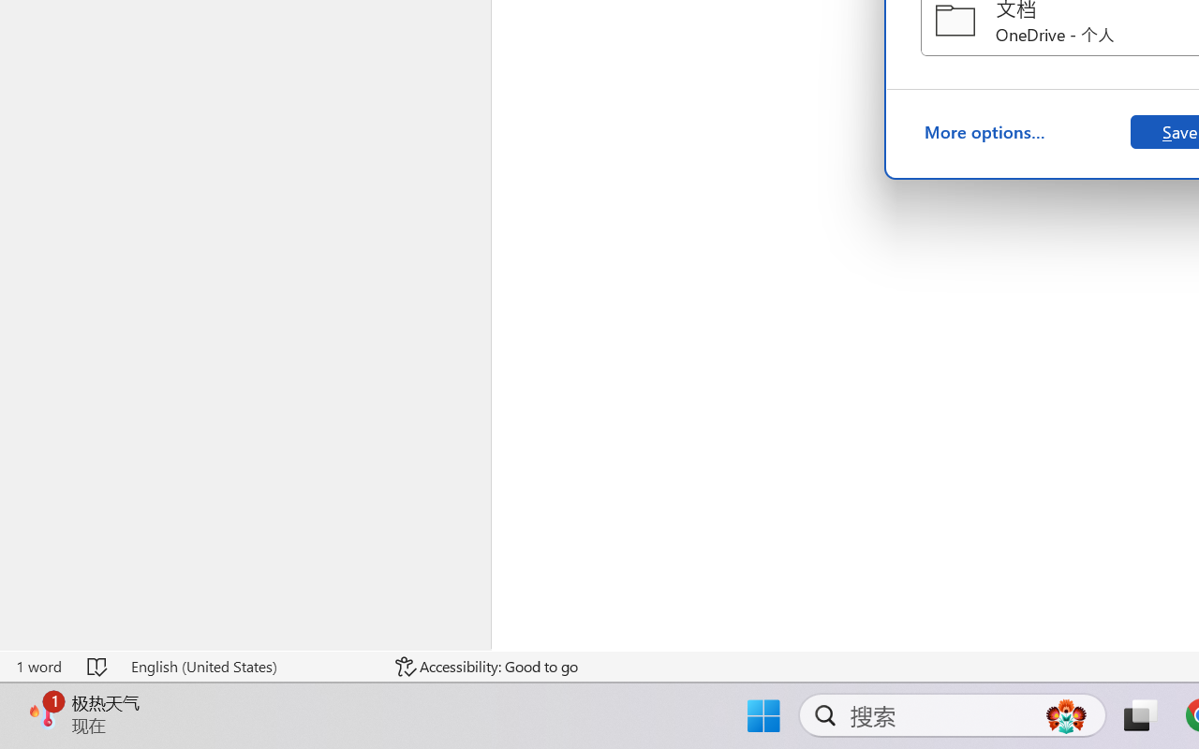 The image size is (1199, 749). What do you see at coordinates (97, 666) in the screenshot?
I see `'Spelling and Grammar Check No Errors'` at bounding box center [97, 666].